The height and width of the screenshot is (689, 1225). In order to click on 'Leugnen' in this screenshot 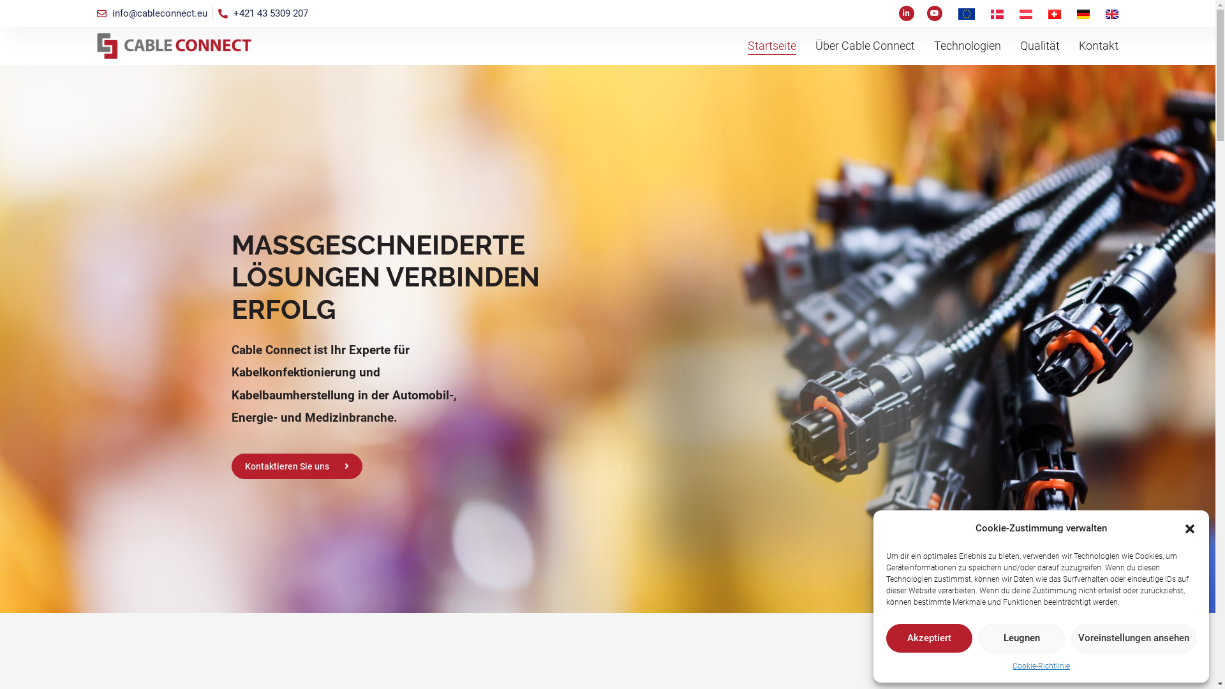, I will do `click(978, 638)`.